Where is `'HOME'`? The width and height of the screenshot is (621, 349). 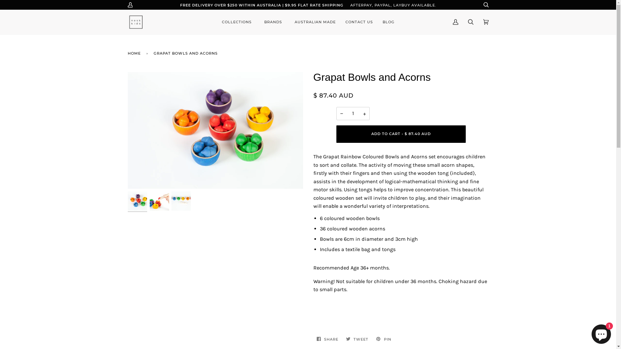
'HOME' is located at coordinates (135, 53).